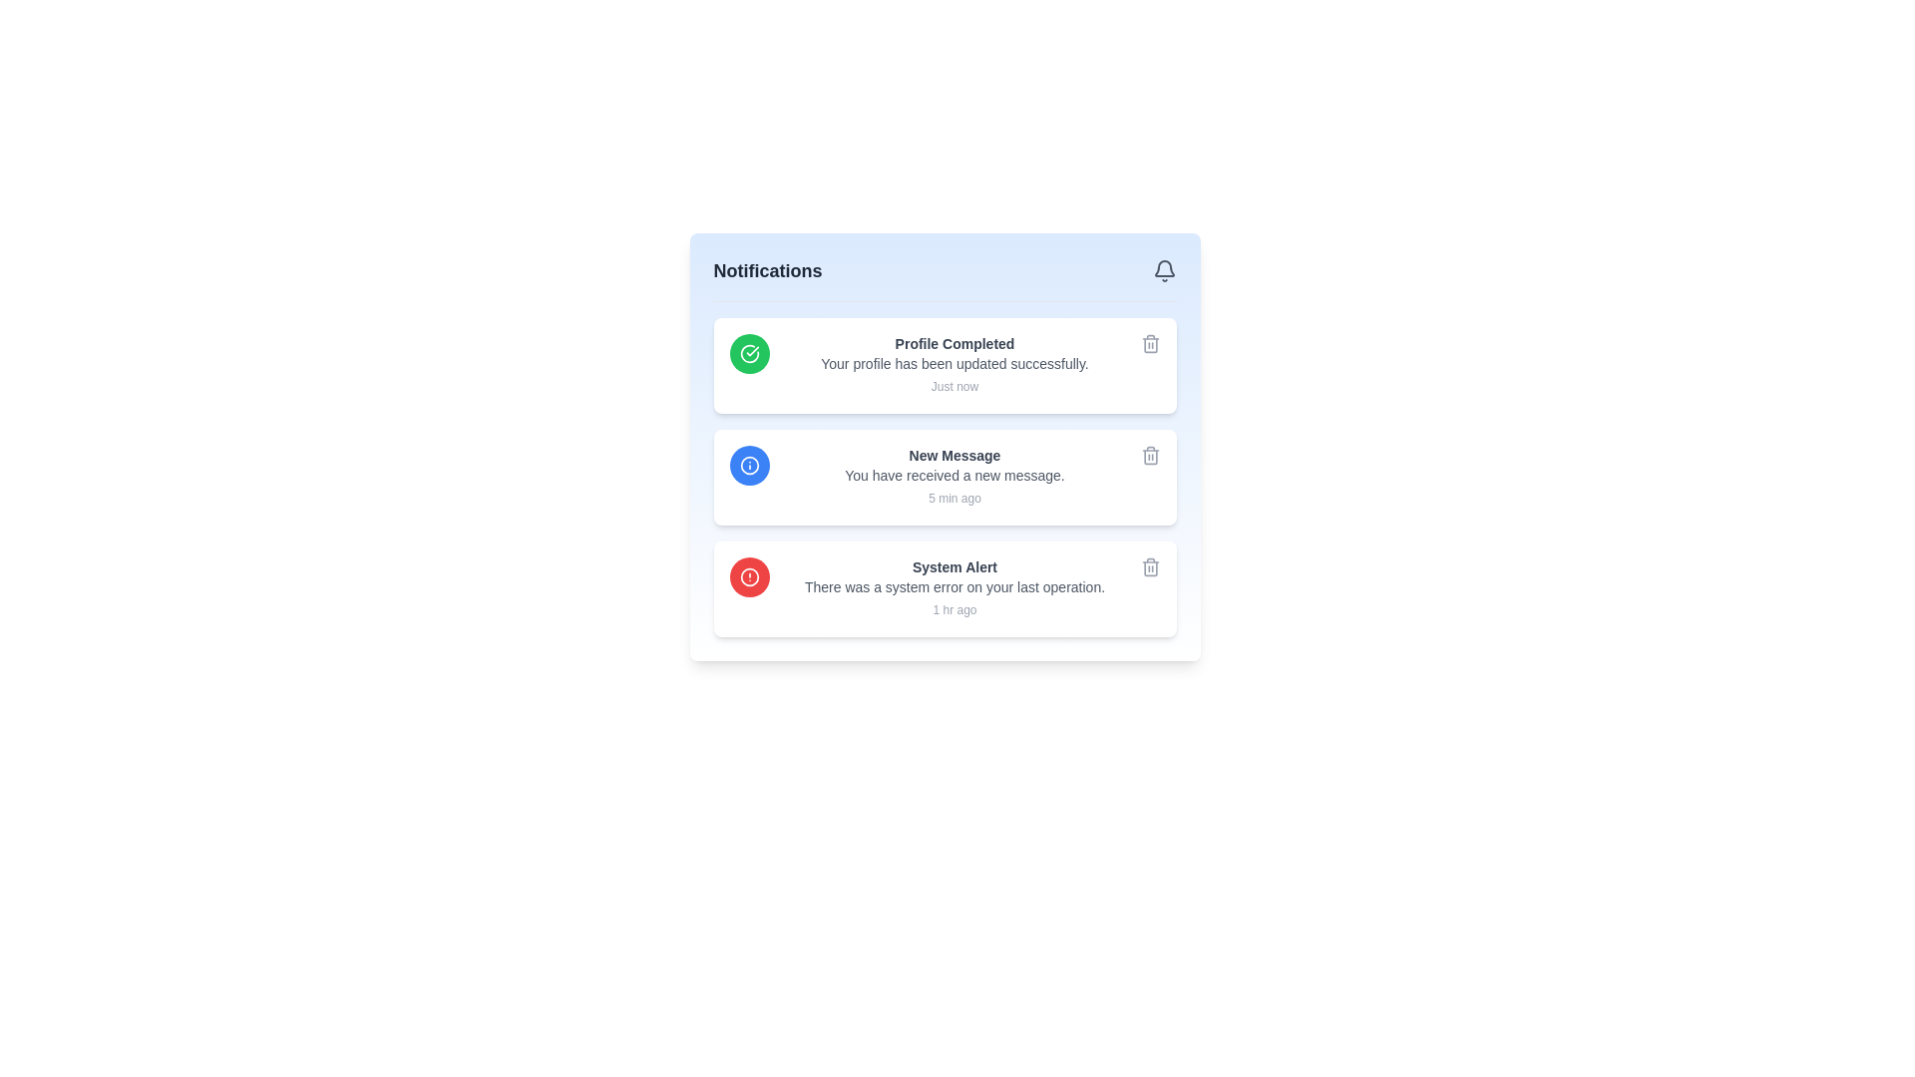 This screenshot has height=1077, width=1915. What do you see at coordinates (1150, 344) in the screenshot?
I see `the trash bin icon located in the top-right corner of the 'Profile Completed' notification card in the 'Notifications' section` at bounding box center [1150, 344].